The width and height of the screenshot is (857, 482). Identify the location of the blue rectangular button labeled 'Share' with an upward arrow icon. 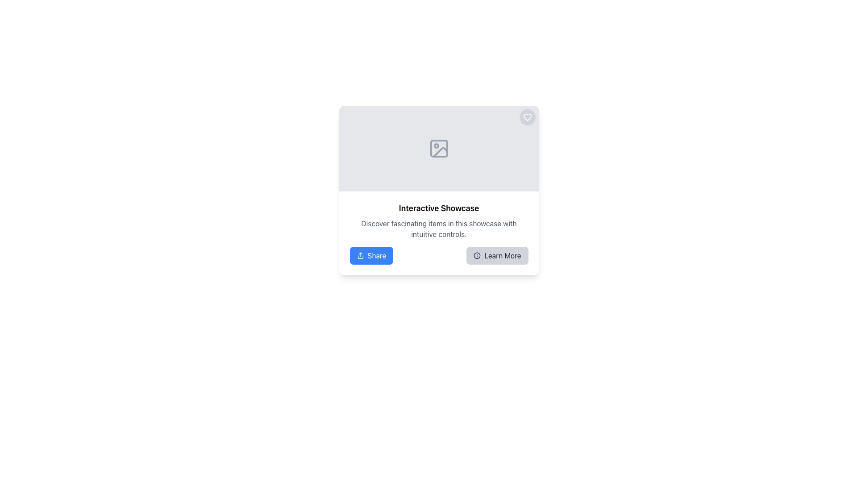
(371, 256).